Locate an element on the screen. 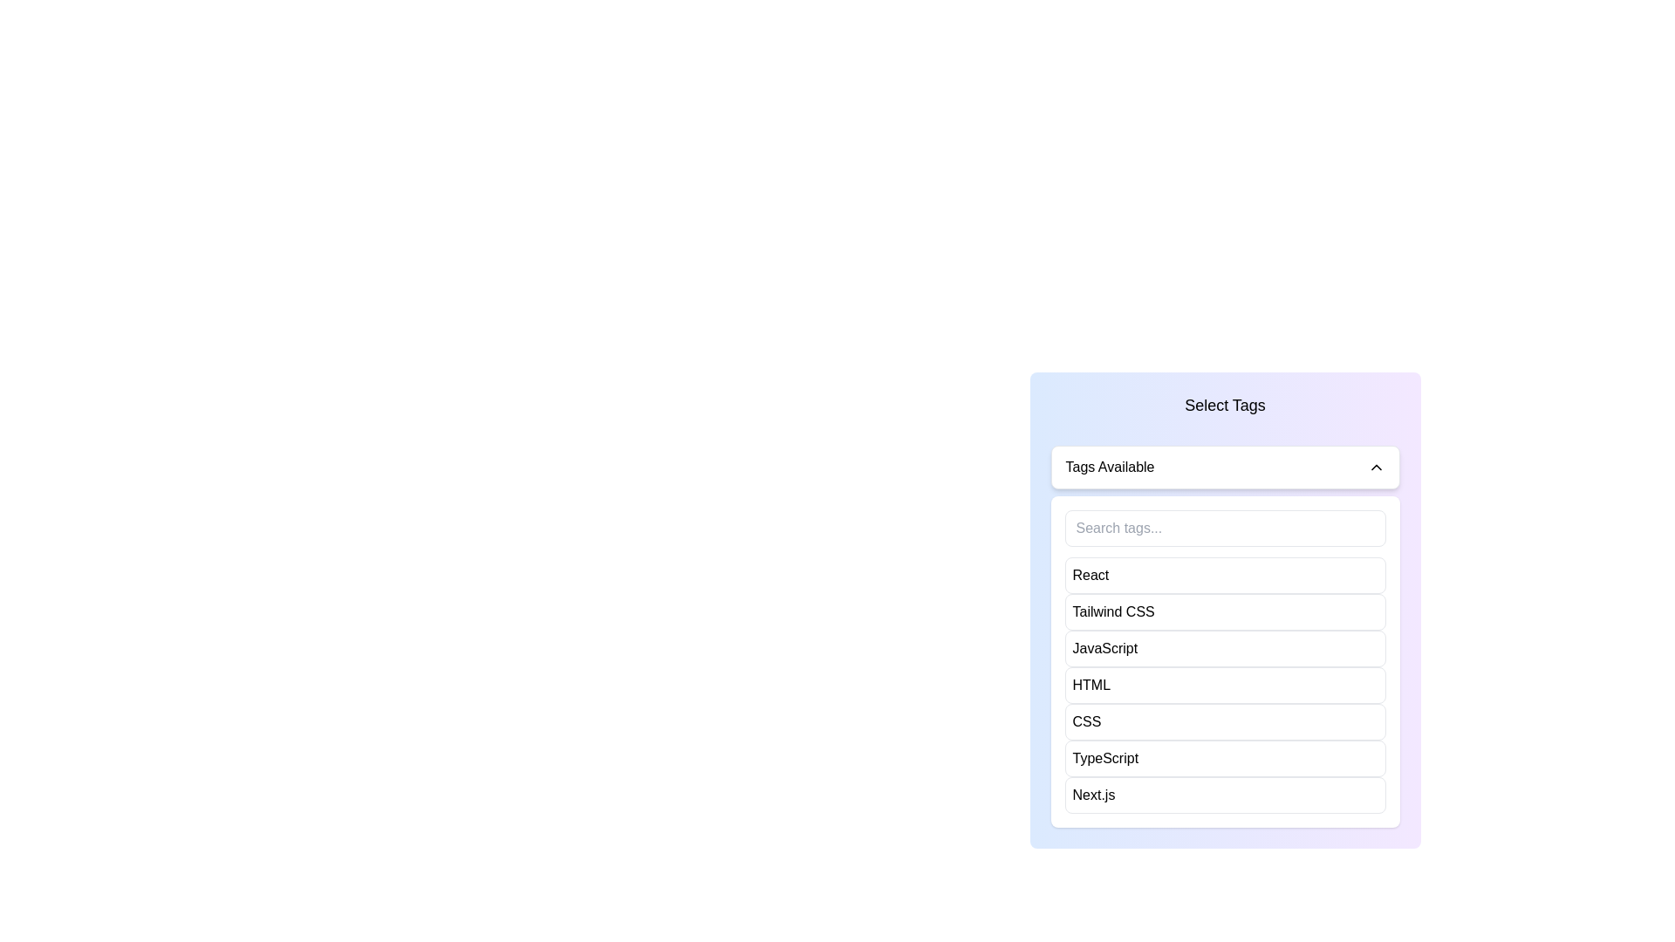  the 'HTML' label in the dropdown list within the 'Select Tags' panel is located at coordinates (1090, 685).